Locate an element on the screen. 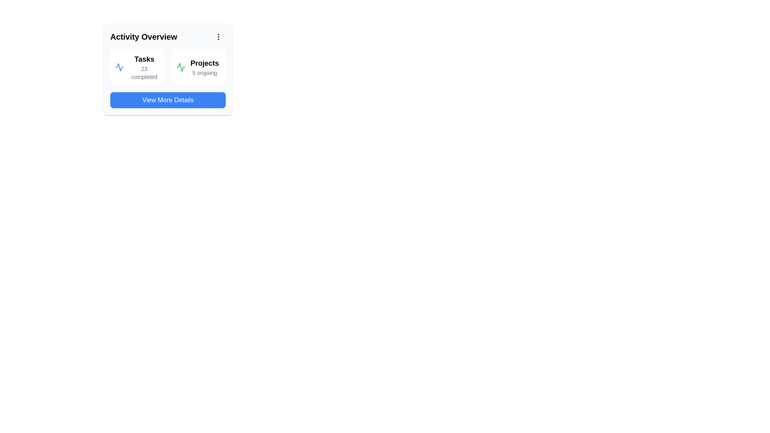  the Text header that serves as a title for the section summarizing user activities, located at the top of the card-like layout is located at coordinates (167, 37).